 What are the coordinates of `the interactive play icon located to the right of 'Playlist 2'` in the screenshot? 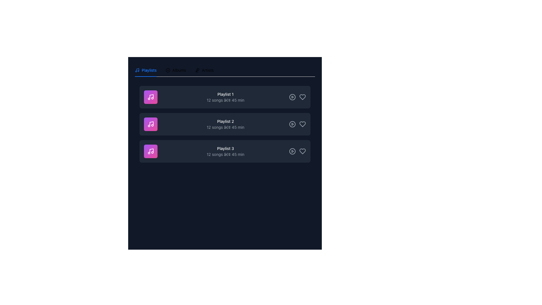 It's located at (292, 124).